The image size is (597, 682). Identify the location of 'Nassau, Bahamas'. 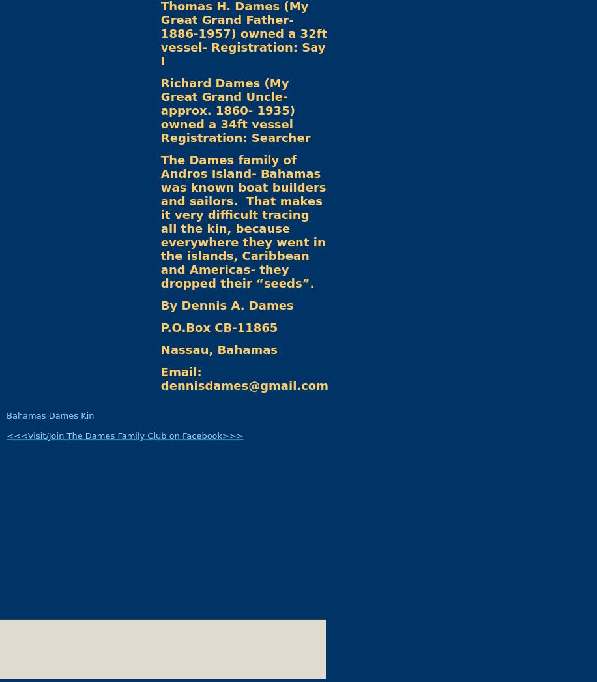
(218, 349).